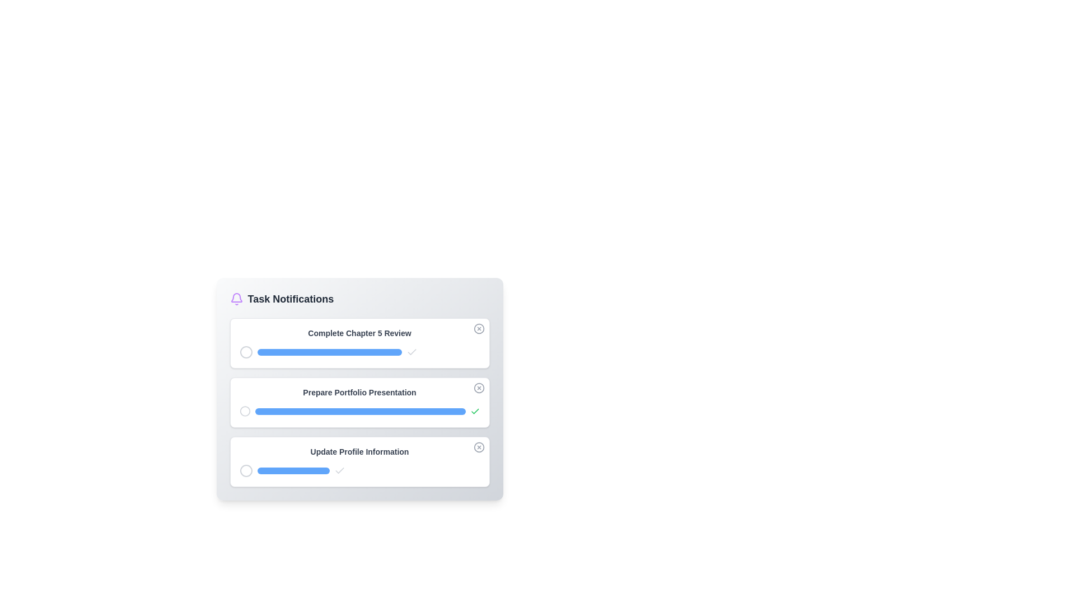  What do you see at coordinates (479, 328) in the screenshot?
I see `close button for the notification titled 'Complete Chapter 5 Review'` at bounding box center [479, 328].